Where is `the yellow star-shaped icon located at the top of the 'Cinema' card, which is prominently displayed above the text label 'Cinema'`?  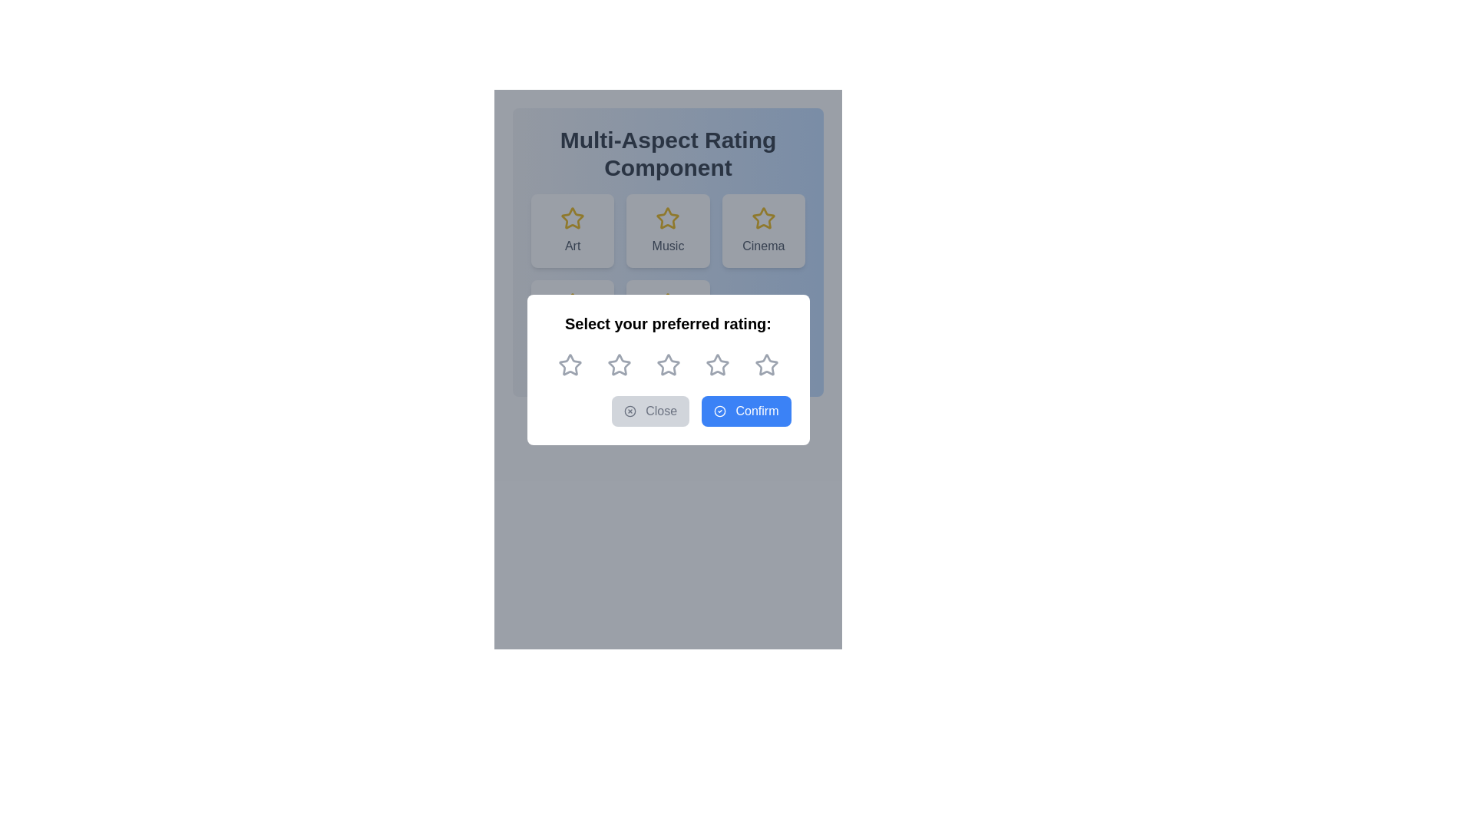 the yellow star-shaped icon located at the top of the 'Cinema' card, which is prominently displayed above the text label 'Cinema' is located at coordinates (763, 219).